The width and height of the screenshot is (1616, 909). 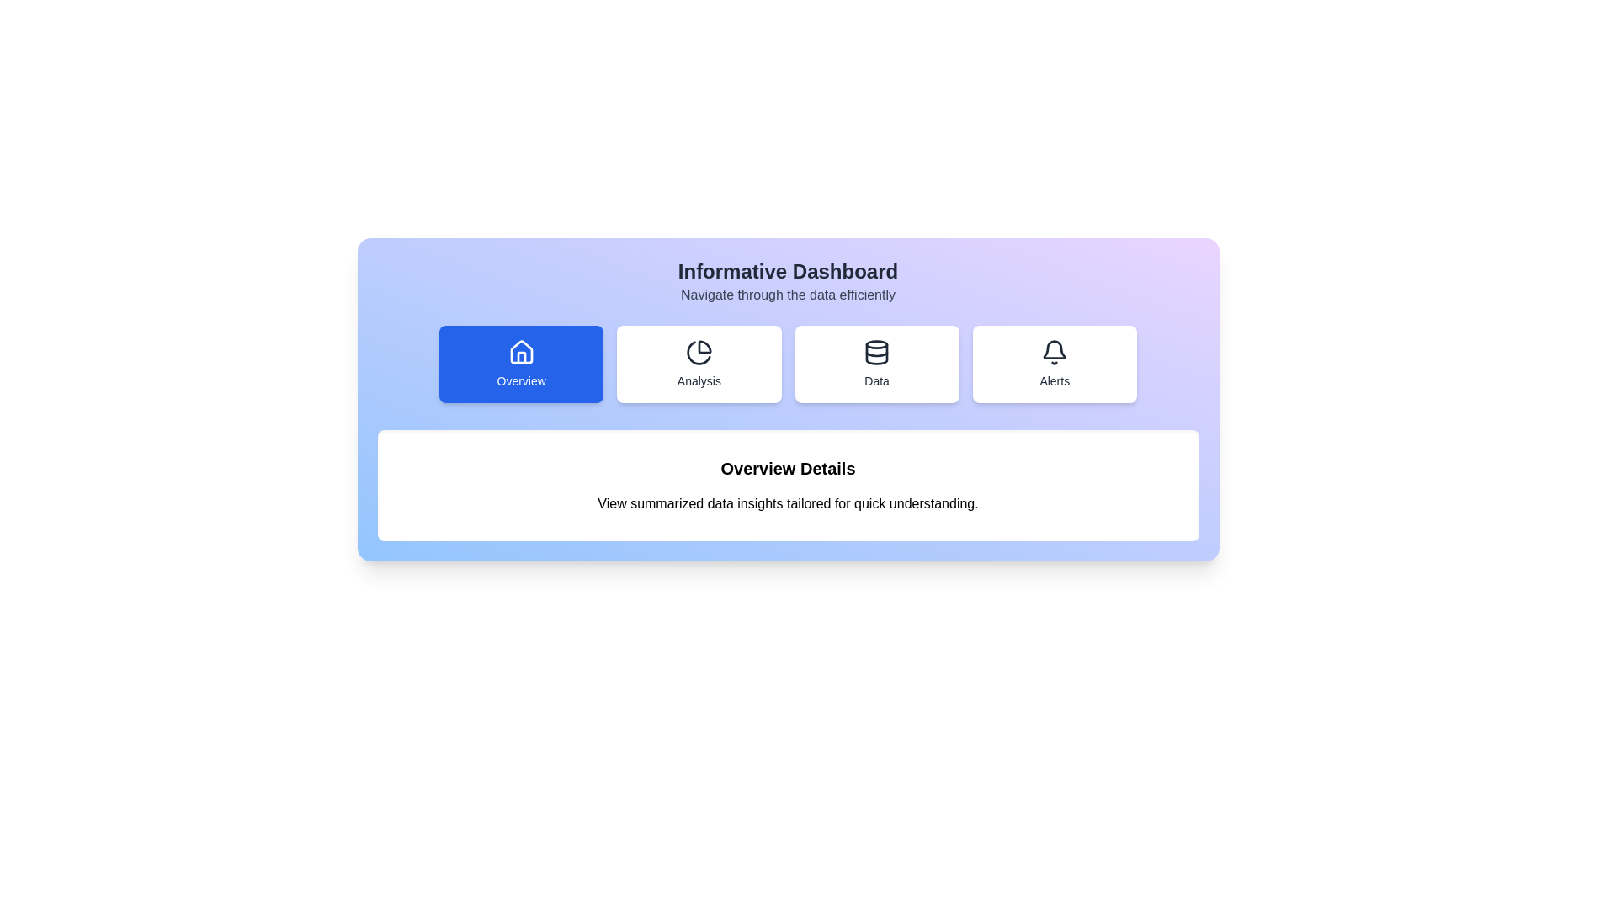 I want to click on the house-shaped icon with a white stroke and blue background located in the 'Overview' section, so click(x=520, y=352).